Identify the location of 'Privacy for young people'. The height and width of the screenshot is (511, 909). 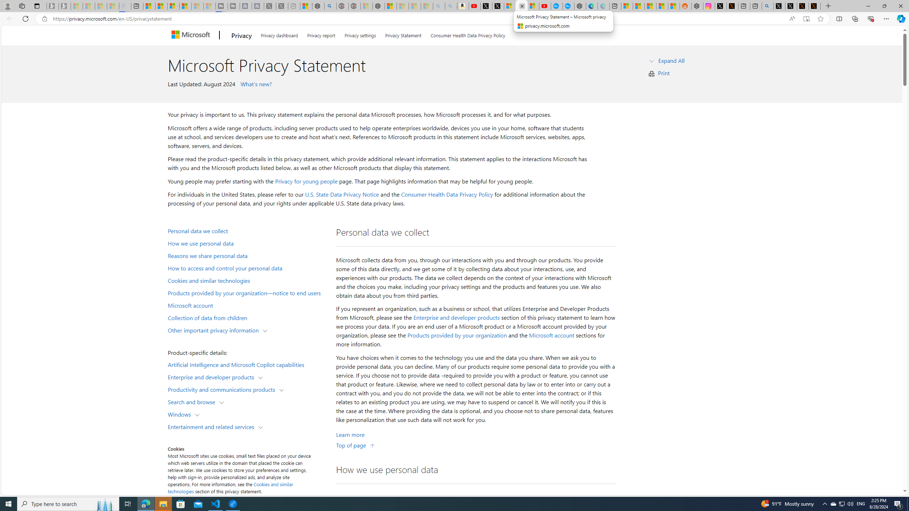
(305, 181).